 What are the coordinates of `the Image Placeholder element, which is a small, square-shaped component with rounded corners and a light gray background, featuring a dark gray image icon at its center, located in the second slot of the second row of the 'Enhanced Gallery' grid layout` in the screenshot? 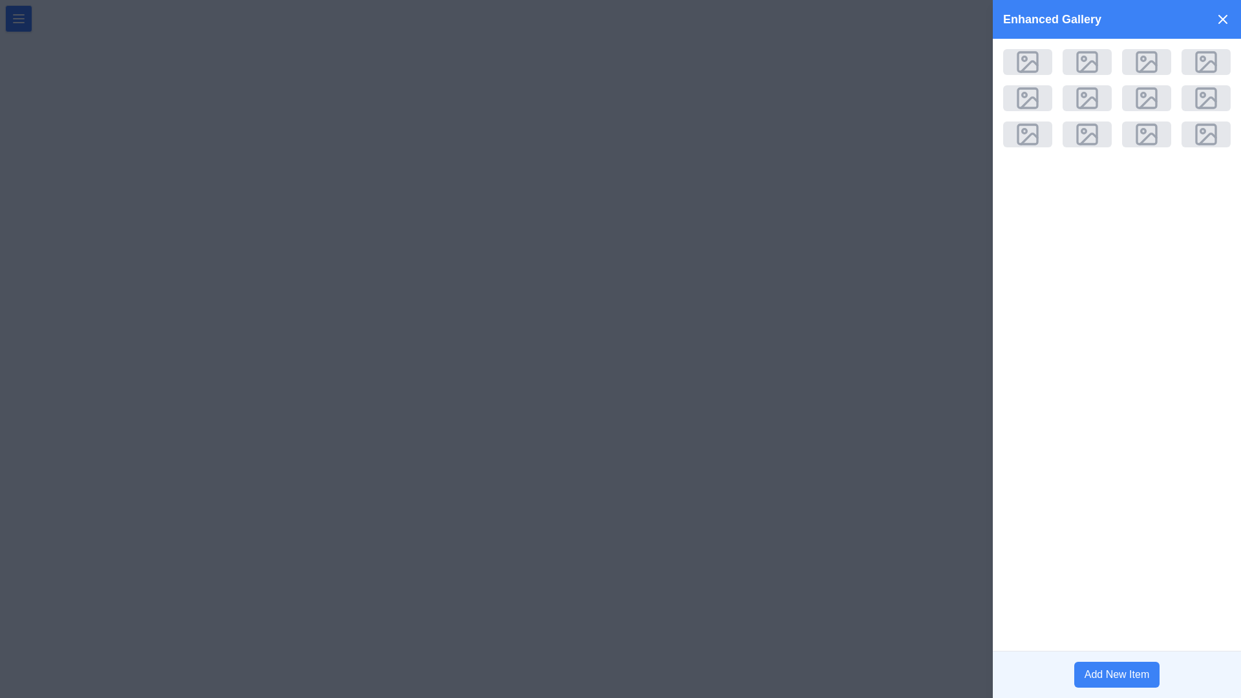 It's located at (1086, 97).